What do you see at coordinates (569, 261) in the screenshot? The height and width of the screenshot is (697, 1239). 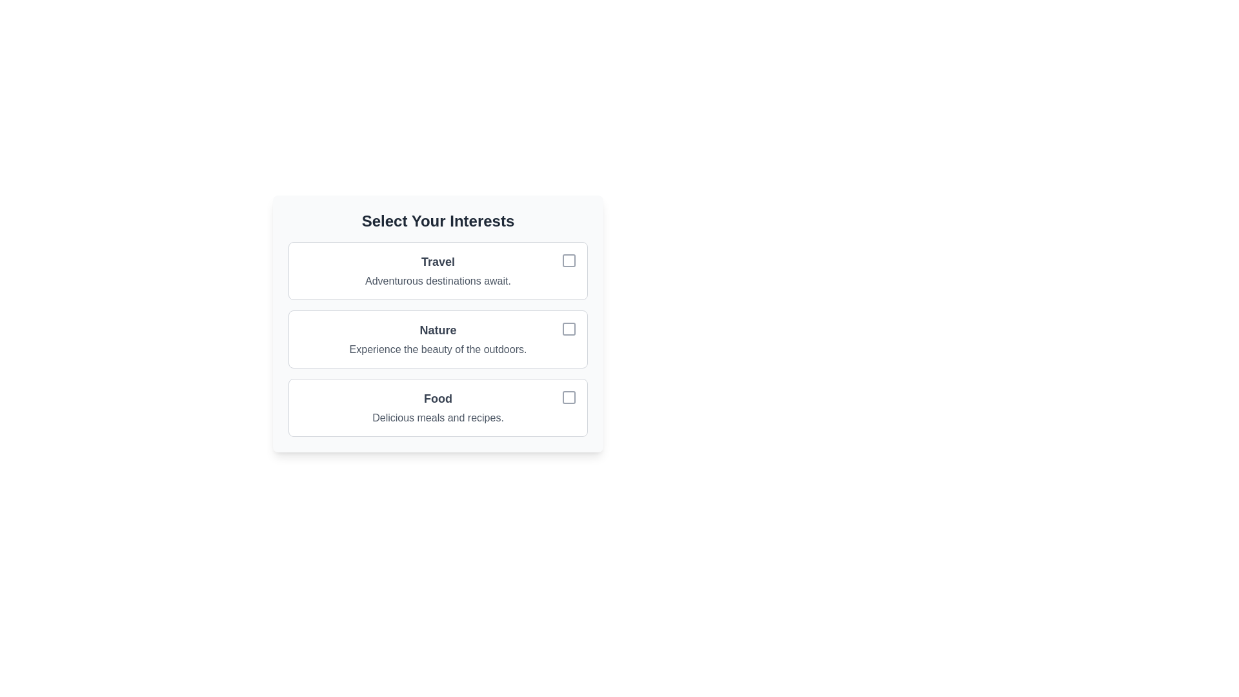 I see `the inner rectangular part of the checkbox associated with the 'Travel' option` at bounding box center [569, 261].